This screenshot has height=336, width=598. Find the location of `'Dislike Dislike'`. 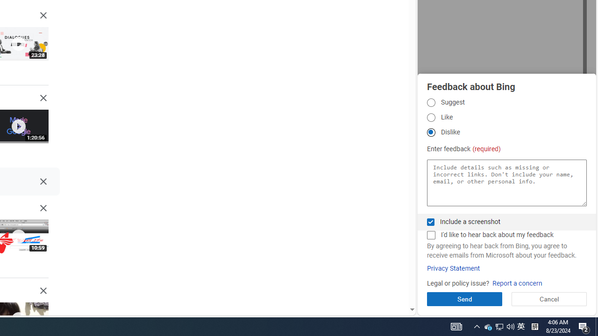

'Dislike Dislike' is located at coordinates (430, 133).